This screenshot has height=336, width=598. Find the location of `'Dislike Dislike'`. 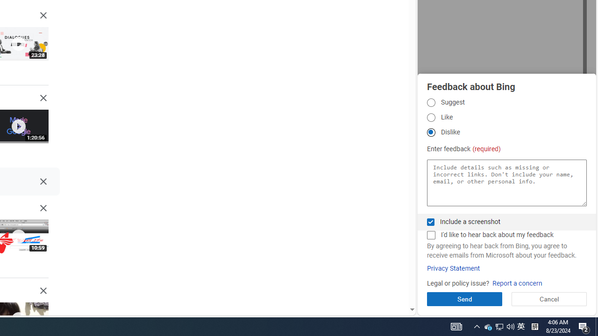

'Dislike Dislike' is located at coordinates (430, 133).